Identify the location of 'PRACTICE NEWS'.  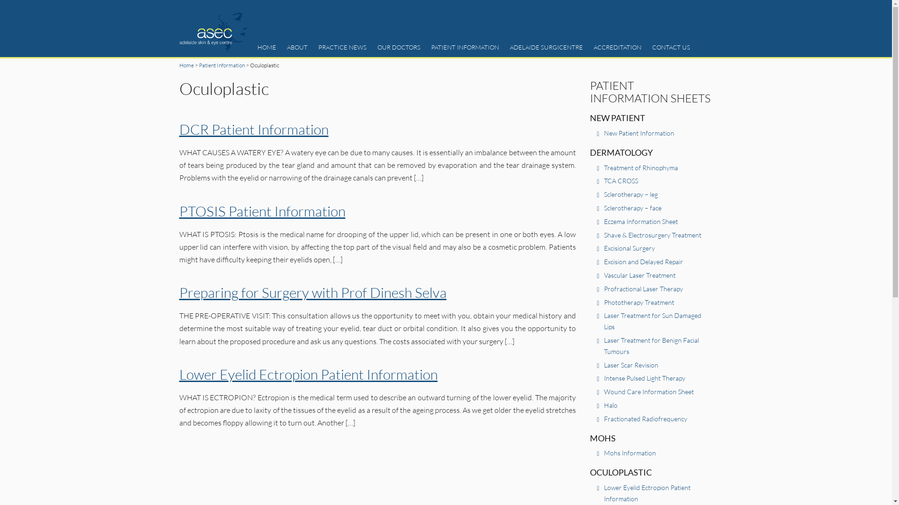
(342, 47).